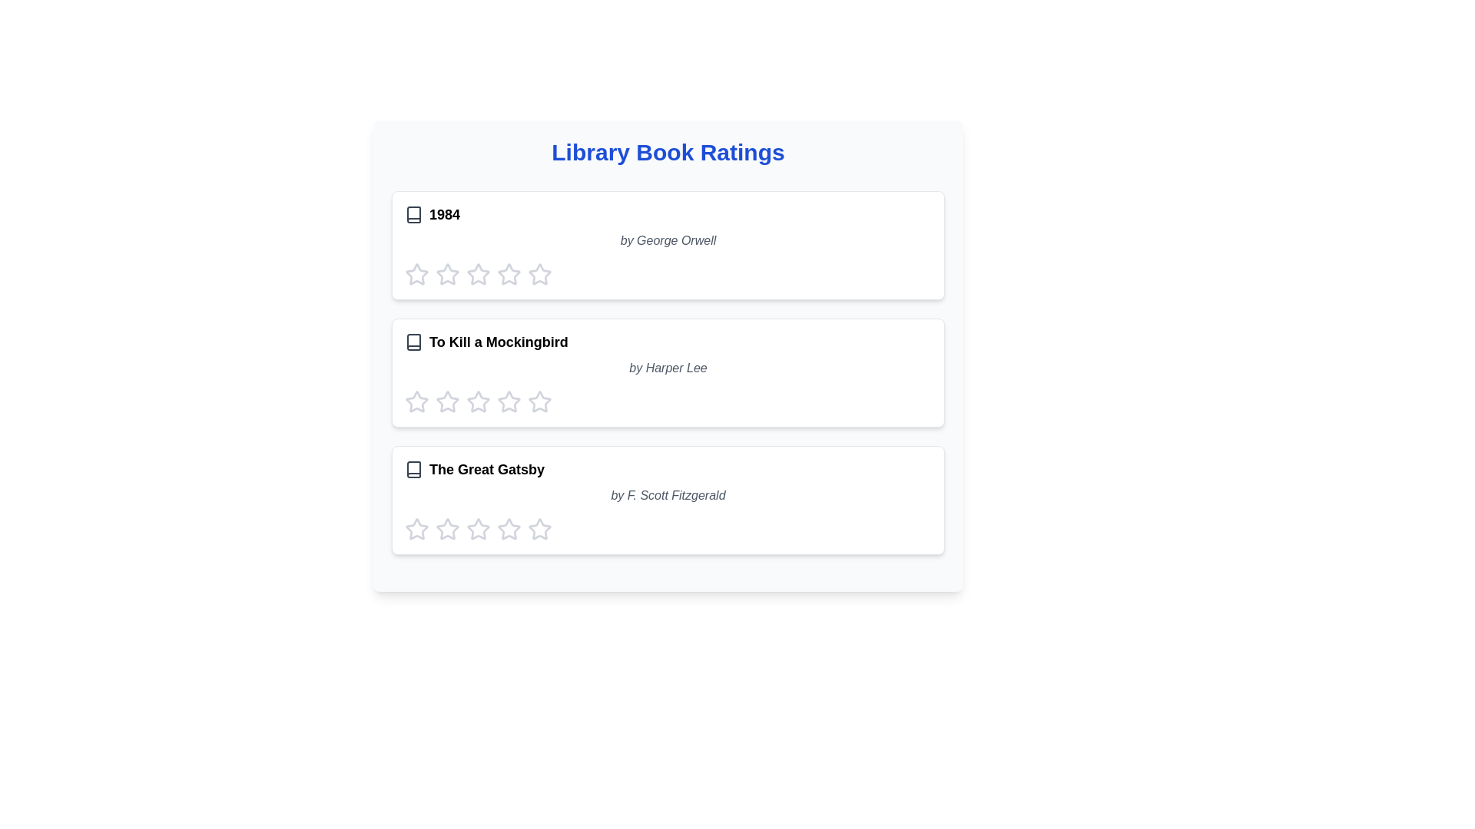  I want to click on the second star rating icon below the title '1984' by George Orwell, so click(446, 274).